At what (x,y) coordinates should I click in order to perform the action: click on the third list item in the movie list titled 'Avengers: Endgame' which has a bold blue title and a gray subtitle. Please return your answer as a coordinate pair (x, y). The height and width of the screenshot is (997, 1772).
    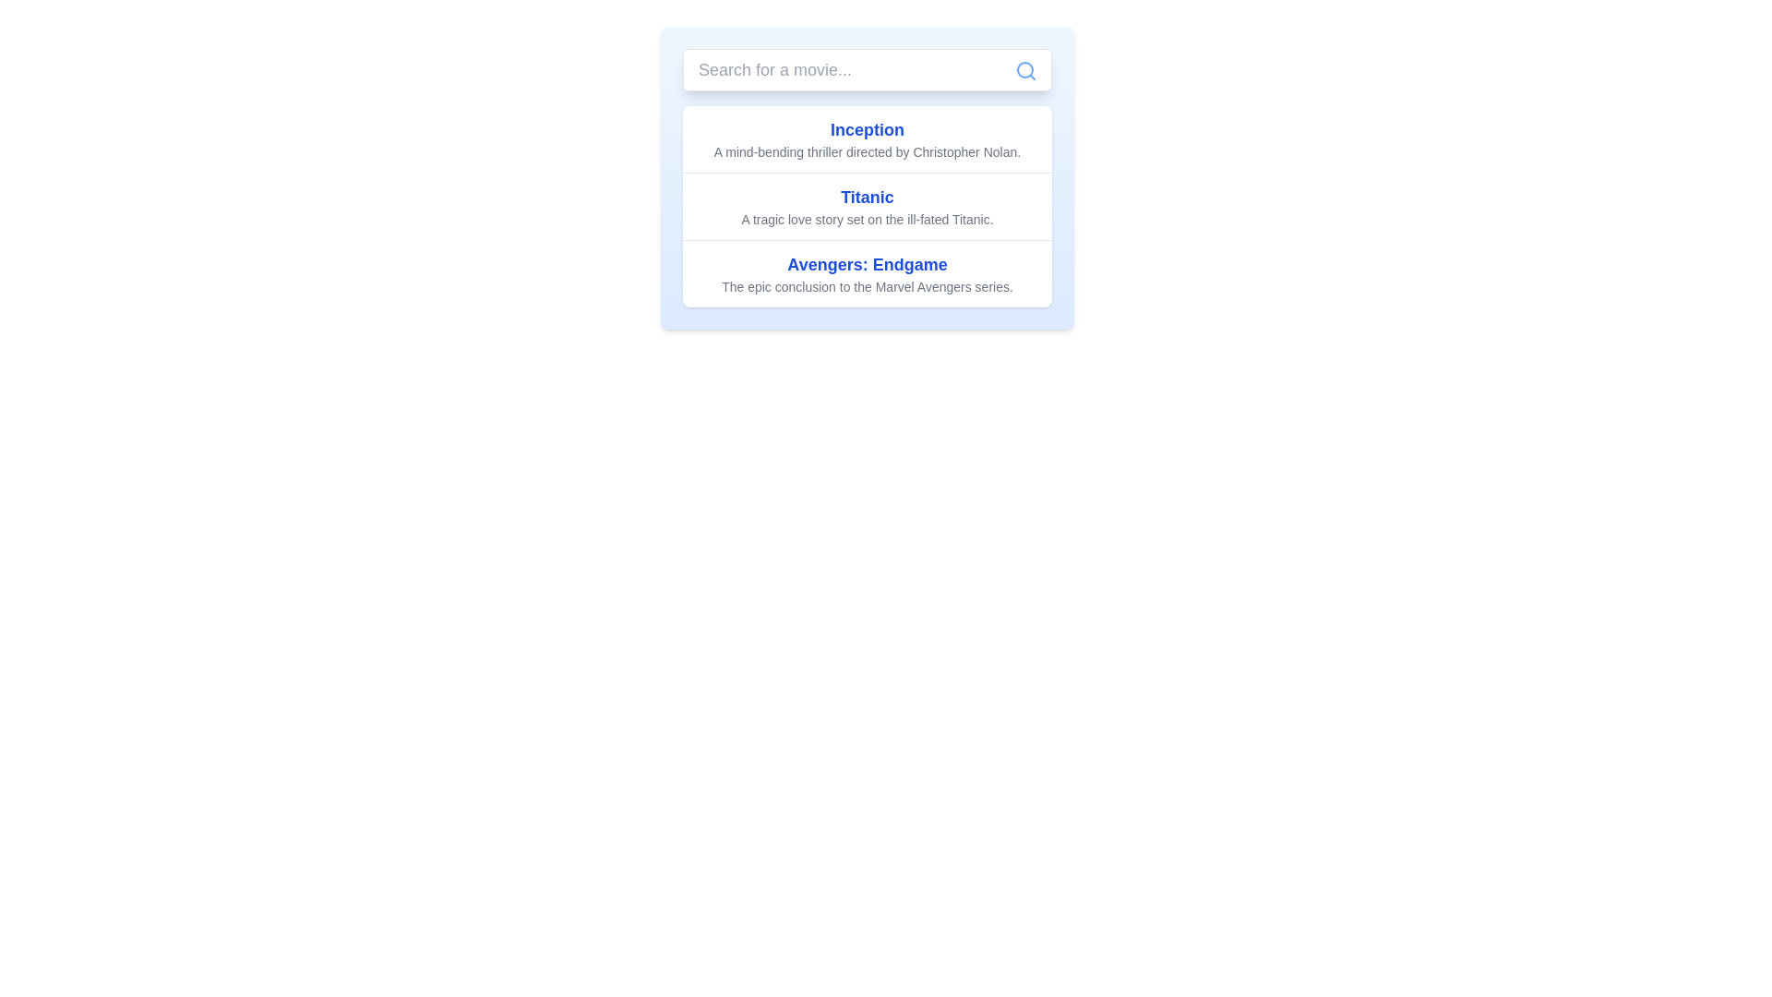
    Looking at the image, I should click on (867, 273).